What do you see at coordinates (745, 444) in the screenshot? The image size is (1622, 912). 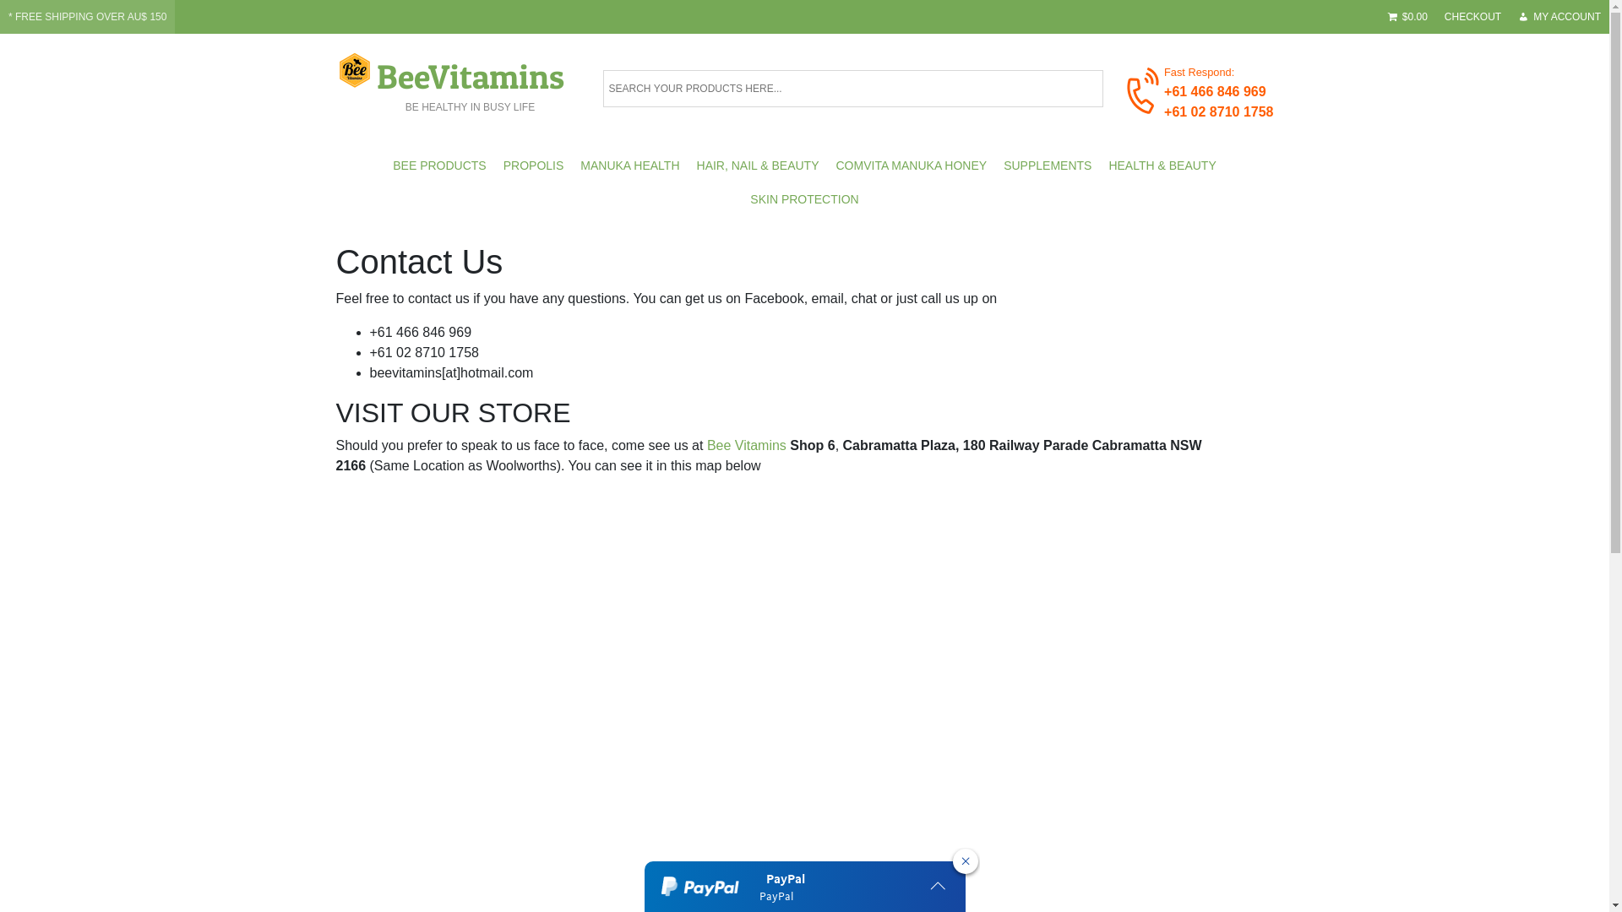 I see `'Bee Vitamins'` at bounding box center [745, 444].